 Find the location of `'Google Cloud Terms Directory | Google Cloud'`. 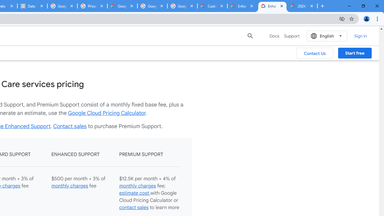

'Google Cloud Terms Directory | Google Cloud' is located at coordinates (122, 6).